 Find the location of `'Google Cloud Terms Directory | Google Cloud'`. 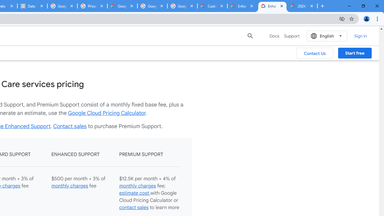

'Google Cloud Terms Directory | Google Cloud' is located at coordinates (122, 6).